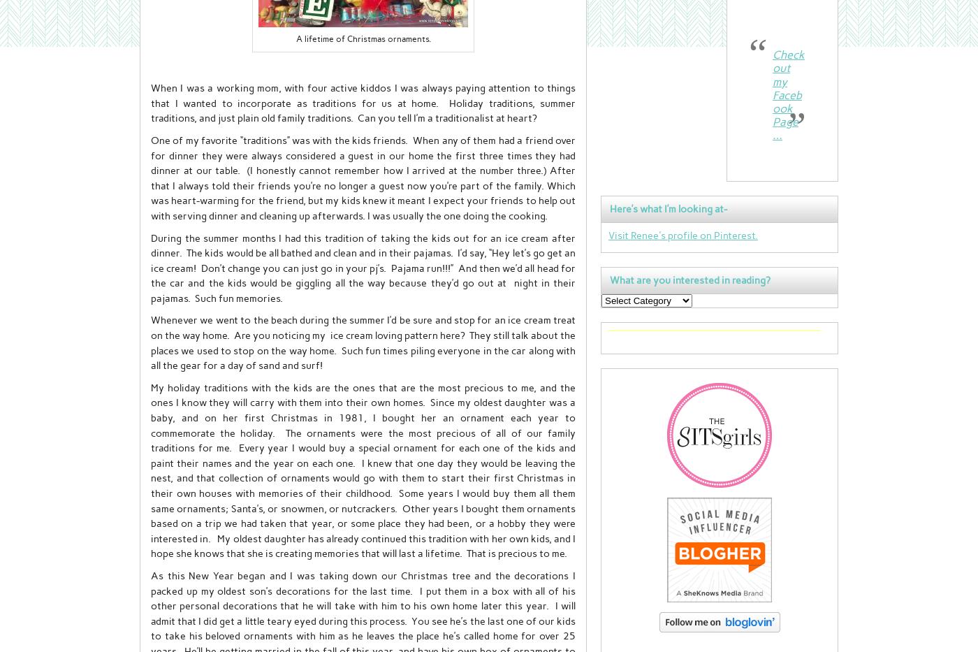 This screenshot has height=652, width=978. Describe the element at coordinates (363, 461) in the screenshot. I see `'My holiday traditions with the kids are the ones that are the most precious to me, and the ones I know they will carry with them into their own homes.  Since my oldest daughter was a baby, and on her first Christmas in 1981, I bought her an ornament each year to commemorate the holiday.  The ornaments were the most precious of all of our family traditions for me.  Every year I would buy a special ornament for each one of the kids and paint their names and the year on each one.  I knew that one day they would be leaving the nest, and that collection of ornaments would go with them to start their first Christmas in their own houses with memories of their childhood.  Some years I would buy them all them same ornaments; Santa’s, or snowmen, or nutcrackers.  Other years I bought them ornaments based on a trip we had taken that year, or some place they had been, or a hobby they were interested in.'` at that location.